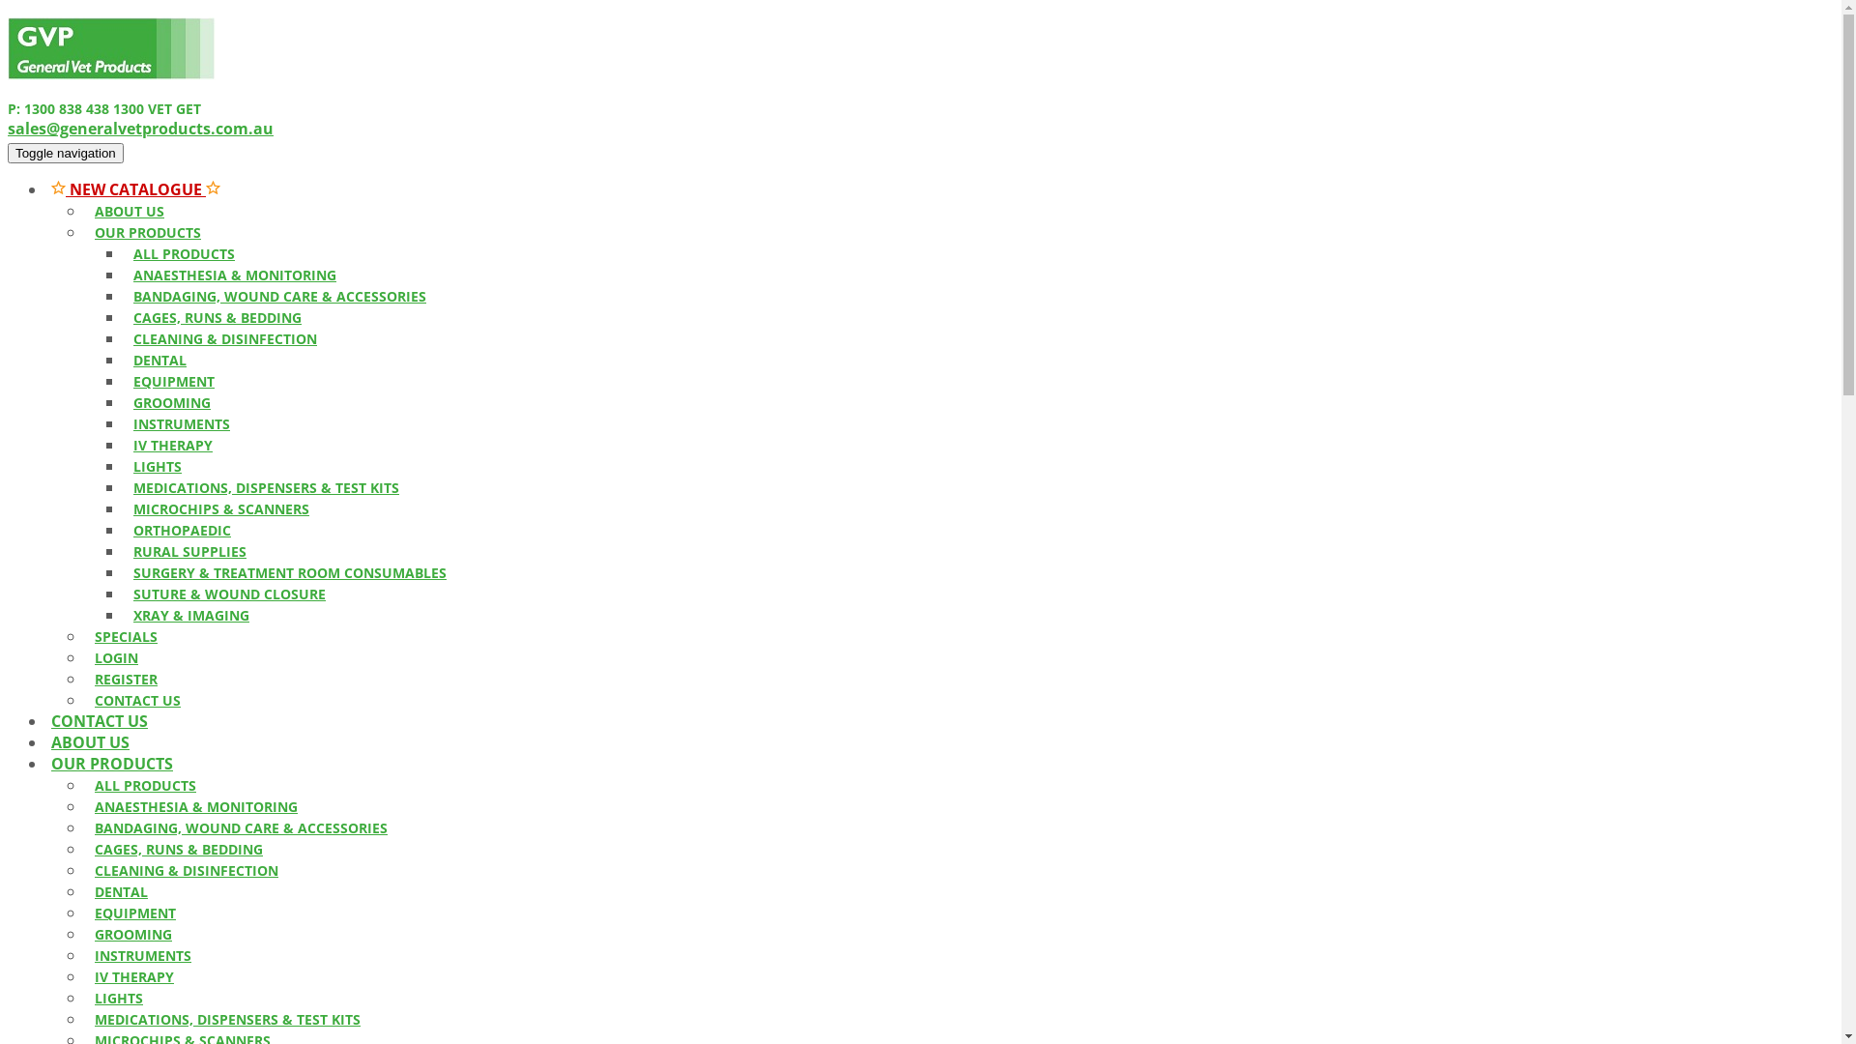 This screenshot has width=1856, height=1044. Describe the element at coordinates (65, 152) in the screenshot. I see `'Toggle navigation'` at that location.